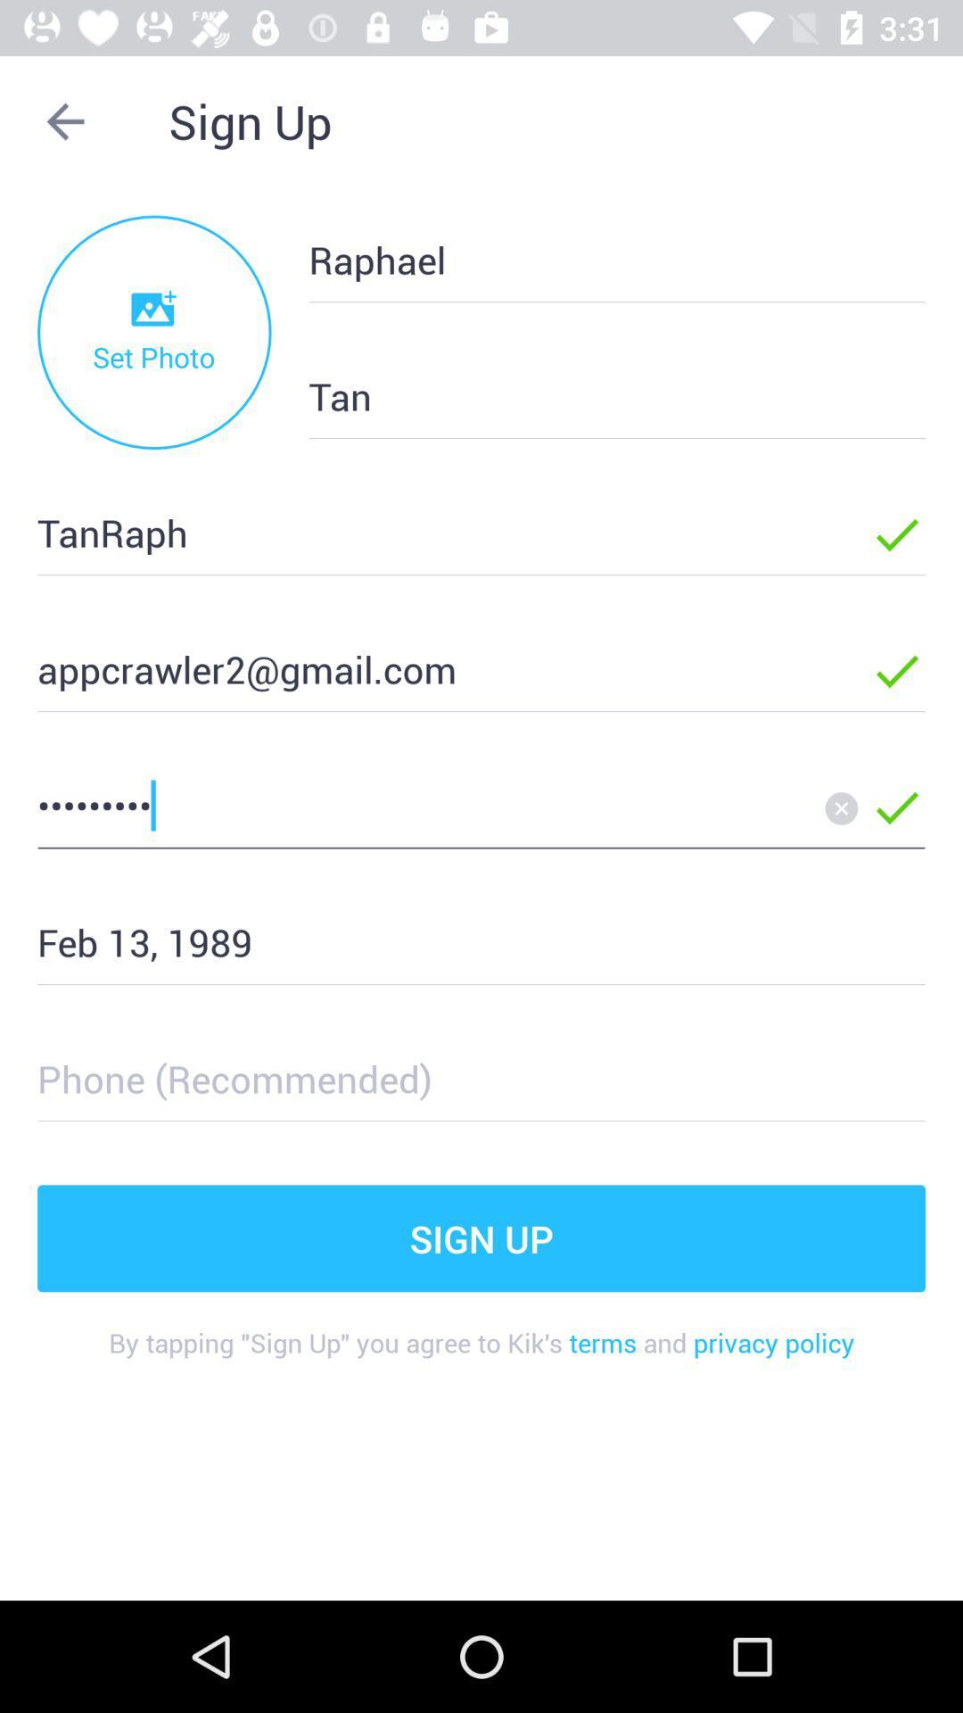 This screenshot has height=1713, width=963. Describe the element at coordinates (897, 807) in the screenshot. I see `the check icon` at that location.